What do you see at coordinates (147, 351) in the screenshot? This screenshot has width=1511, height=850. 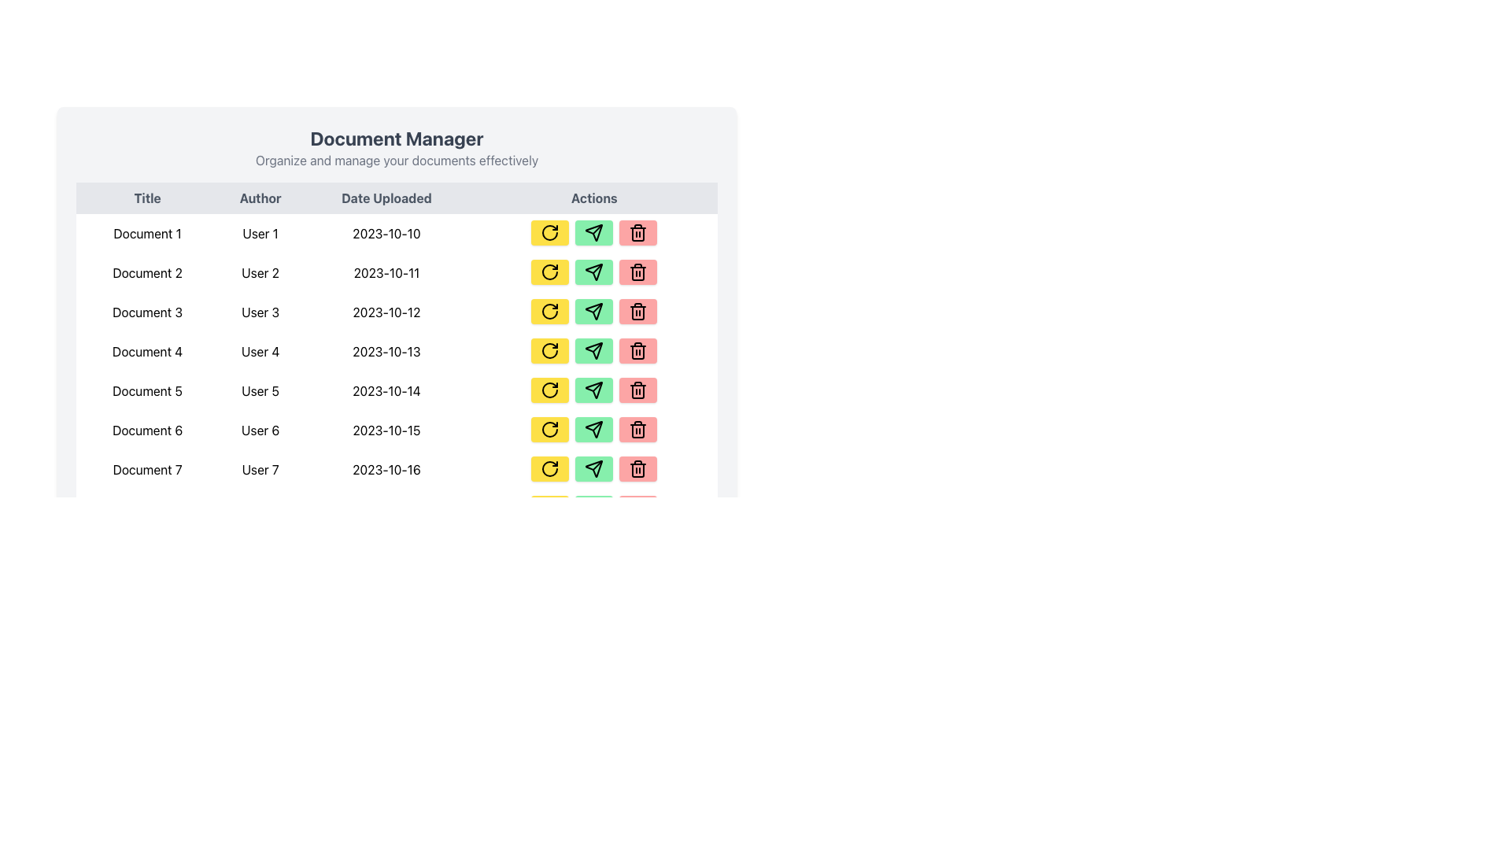 I see `the document title displayed in the first column, fourth row of the table under the 'Title' header` at bounding box center [147, 351].